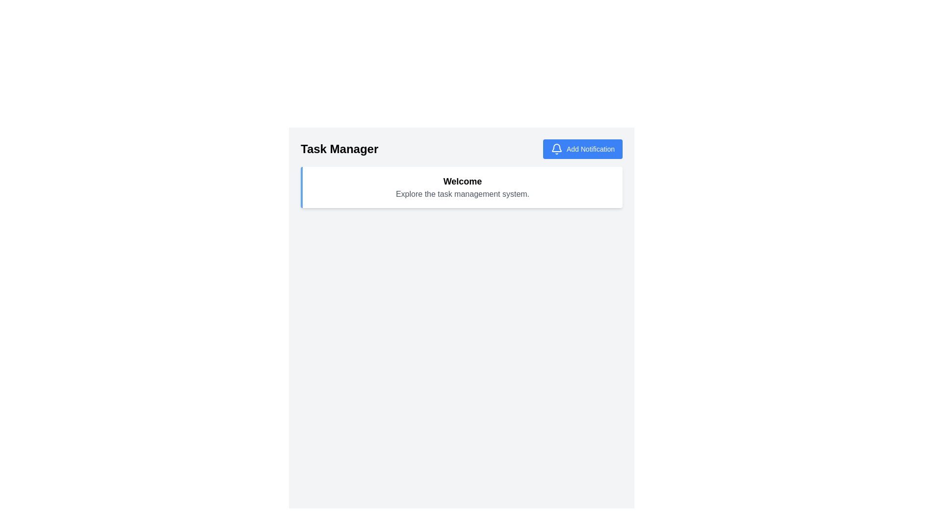  Describe the element at coordinates (462, 194) in the screenshot. I see `the Static Informative Text located beneath the 'Welcome' heading in the white panel of the task management system interface` at that location.